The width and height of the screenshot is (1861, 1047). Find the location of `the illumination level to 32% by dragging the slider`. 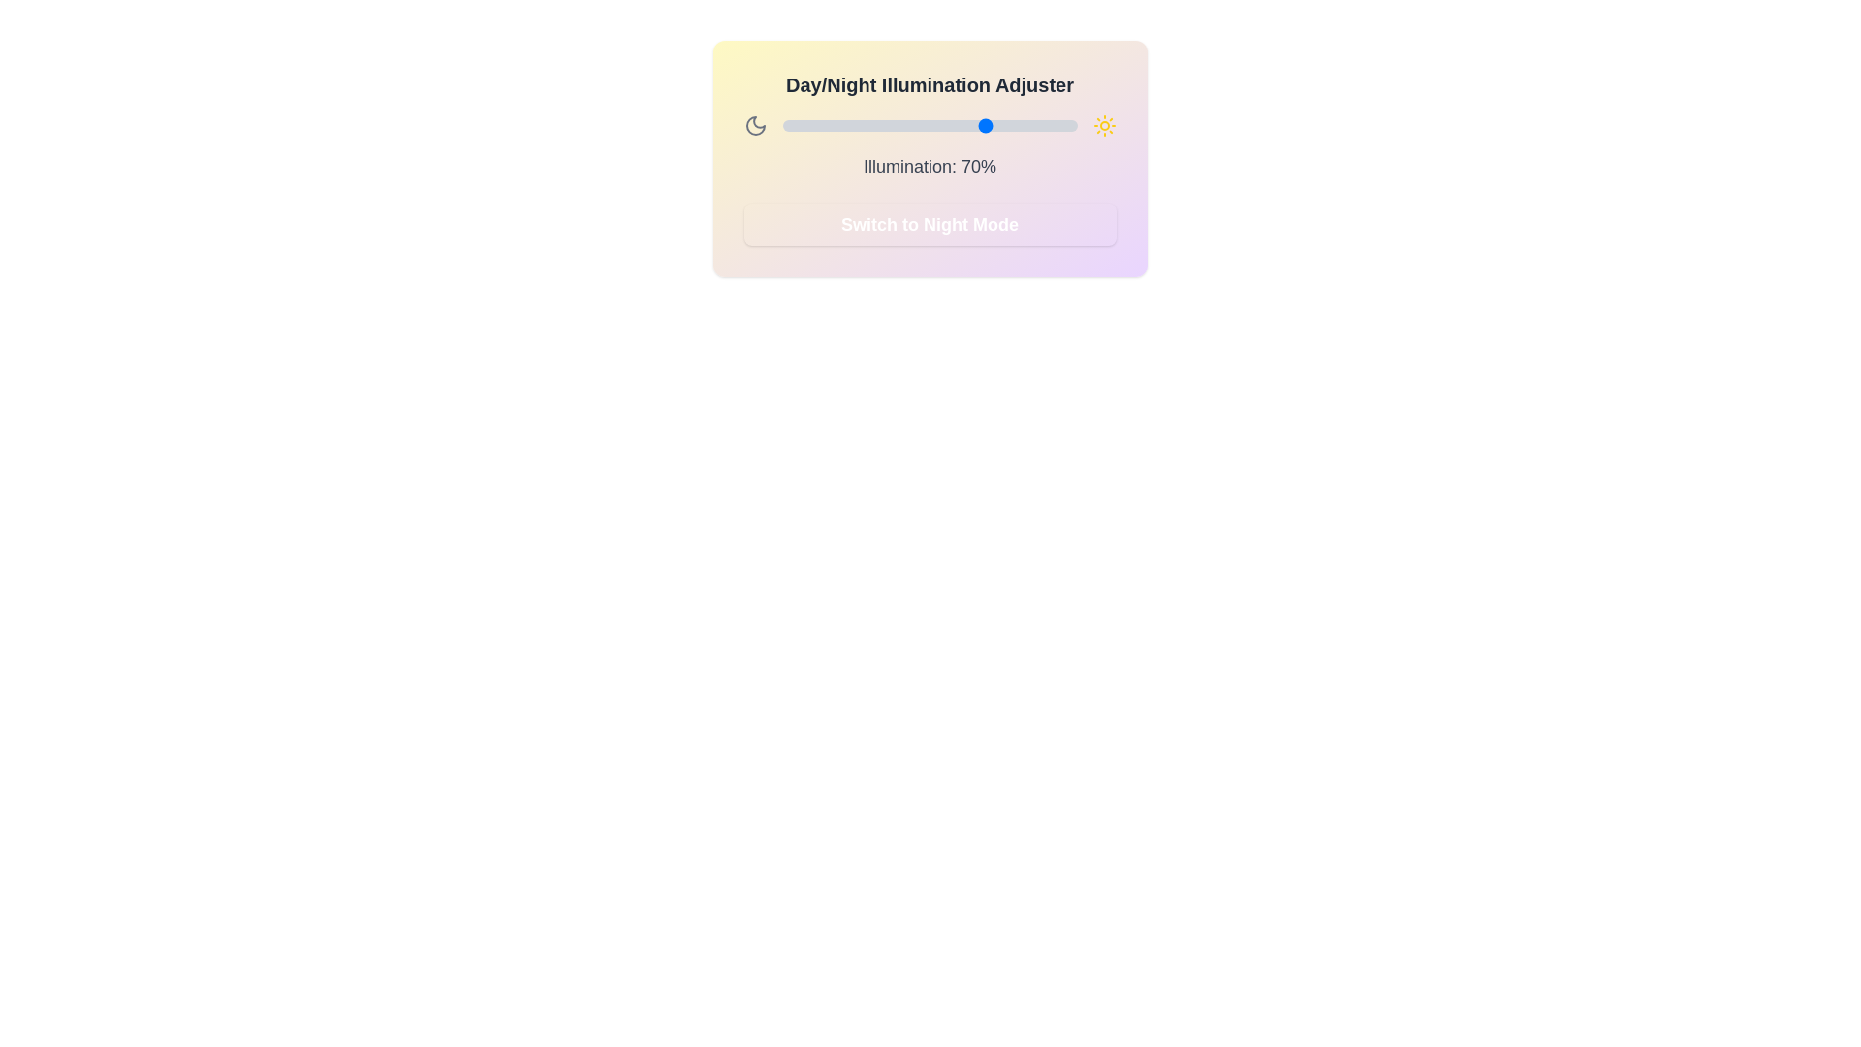

the illumination level to 32% by dragging the slider is located at coordinates (875, 126).